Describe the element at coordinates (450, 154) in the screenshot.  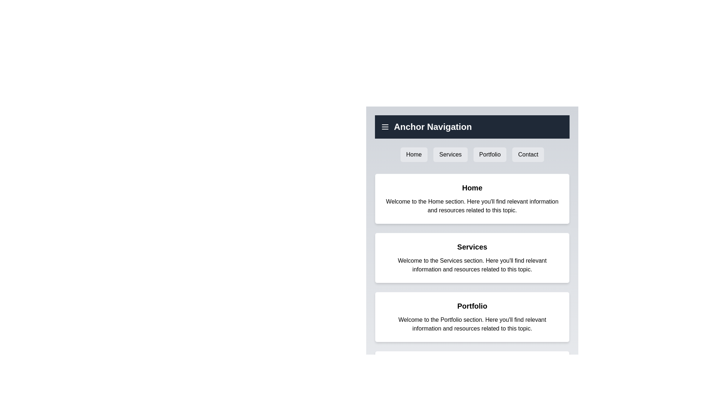
I see `the second button from the left in the horizontal navigation bar` at that location.